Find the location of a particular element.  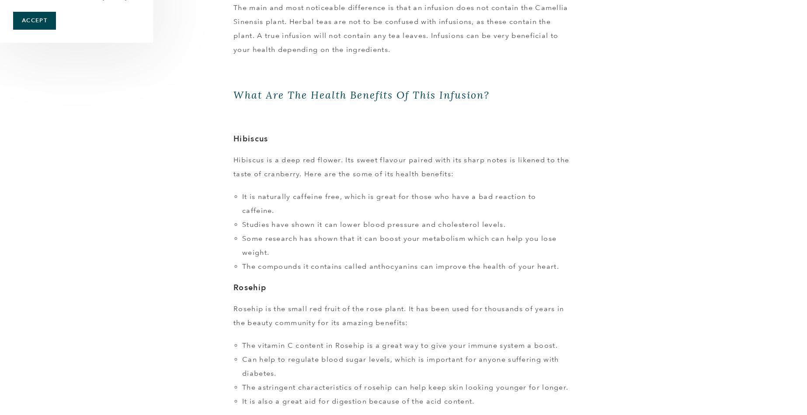

'Can help to regulate blood sugar levels, which is important for anyone suffering with diabetes.' is located at coordinates (400, 366).